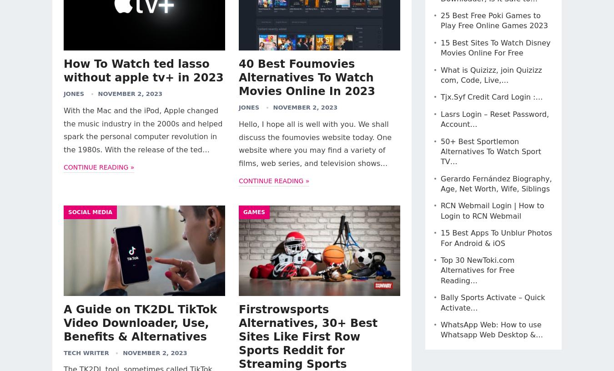 This screenshot has height=371, width=614. What do you see at coordinates (492, 210) in the screenshot?
I see `'RCN Webmail Login | How to Login to RCN Webmail'` at bounding box center [492, 210].